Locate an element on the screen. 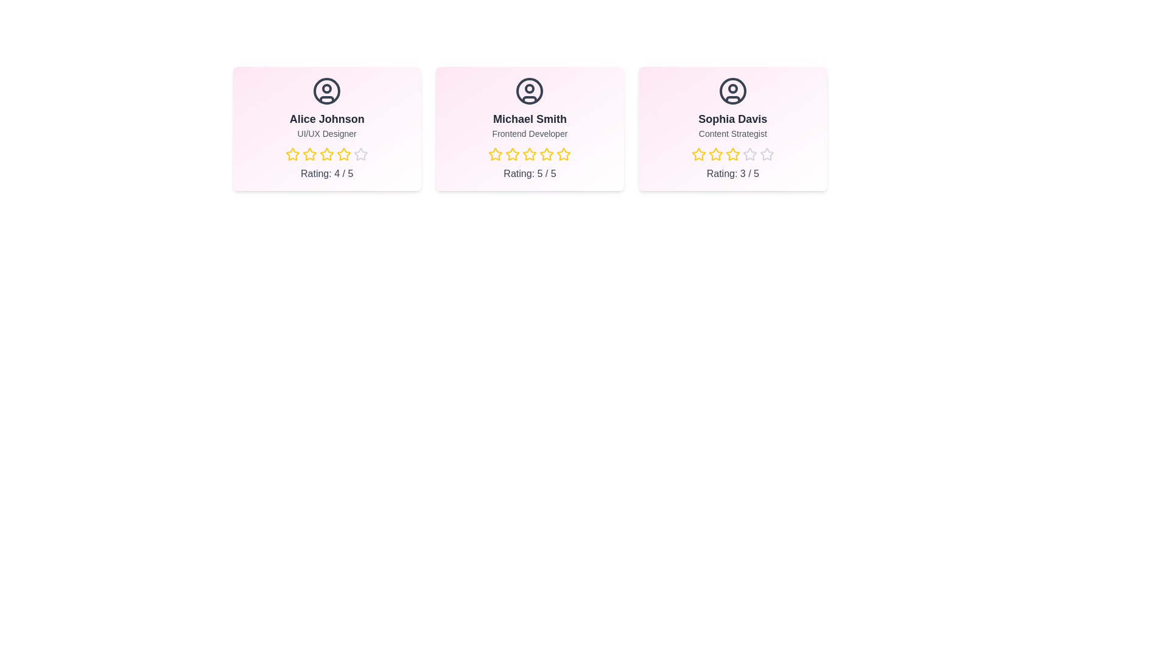 The width and height of the screenshot is (1169, 657). the star corresponding to 1 stars for the team member Alice Johnson is located at coordinates (285, 154).